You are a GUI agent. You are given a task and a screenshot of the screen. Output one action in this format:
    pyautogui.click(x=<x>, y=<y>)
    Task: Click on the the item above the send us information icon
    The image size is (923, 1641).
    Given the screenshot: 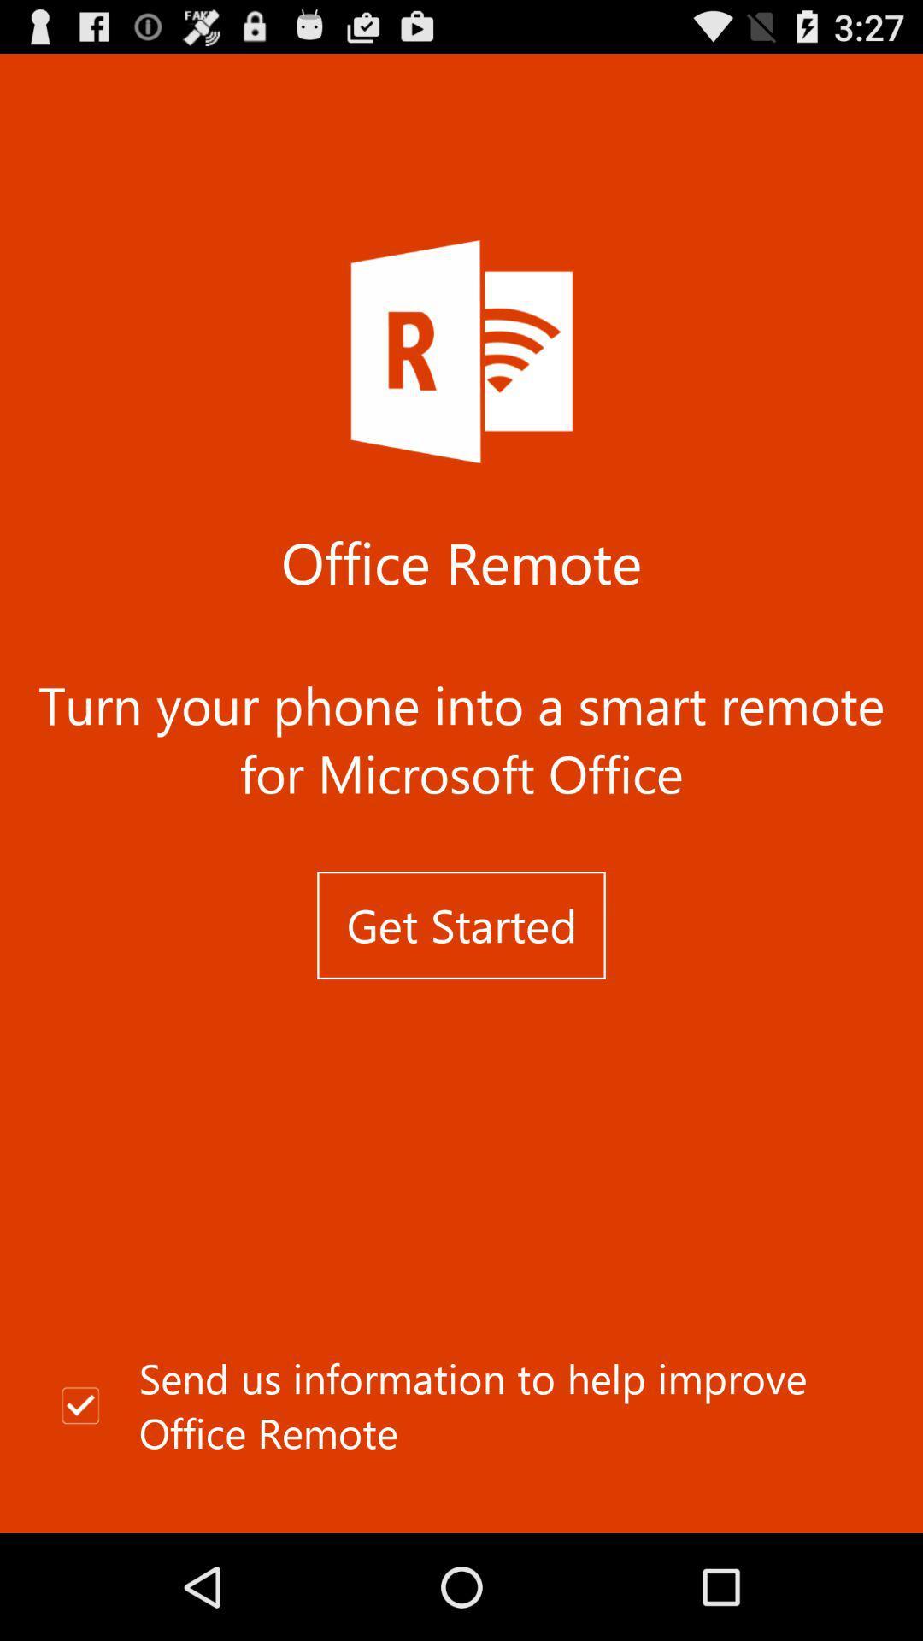 What is the action you would take?
    pyautogui.click(x=461, y=925)
    